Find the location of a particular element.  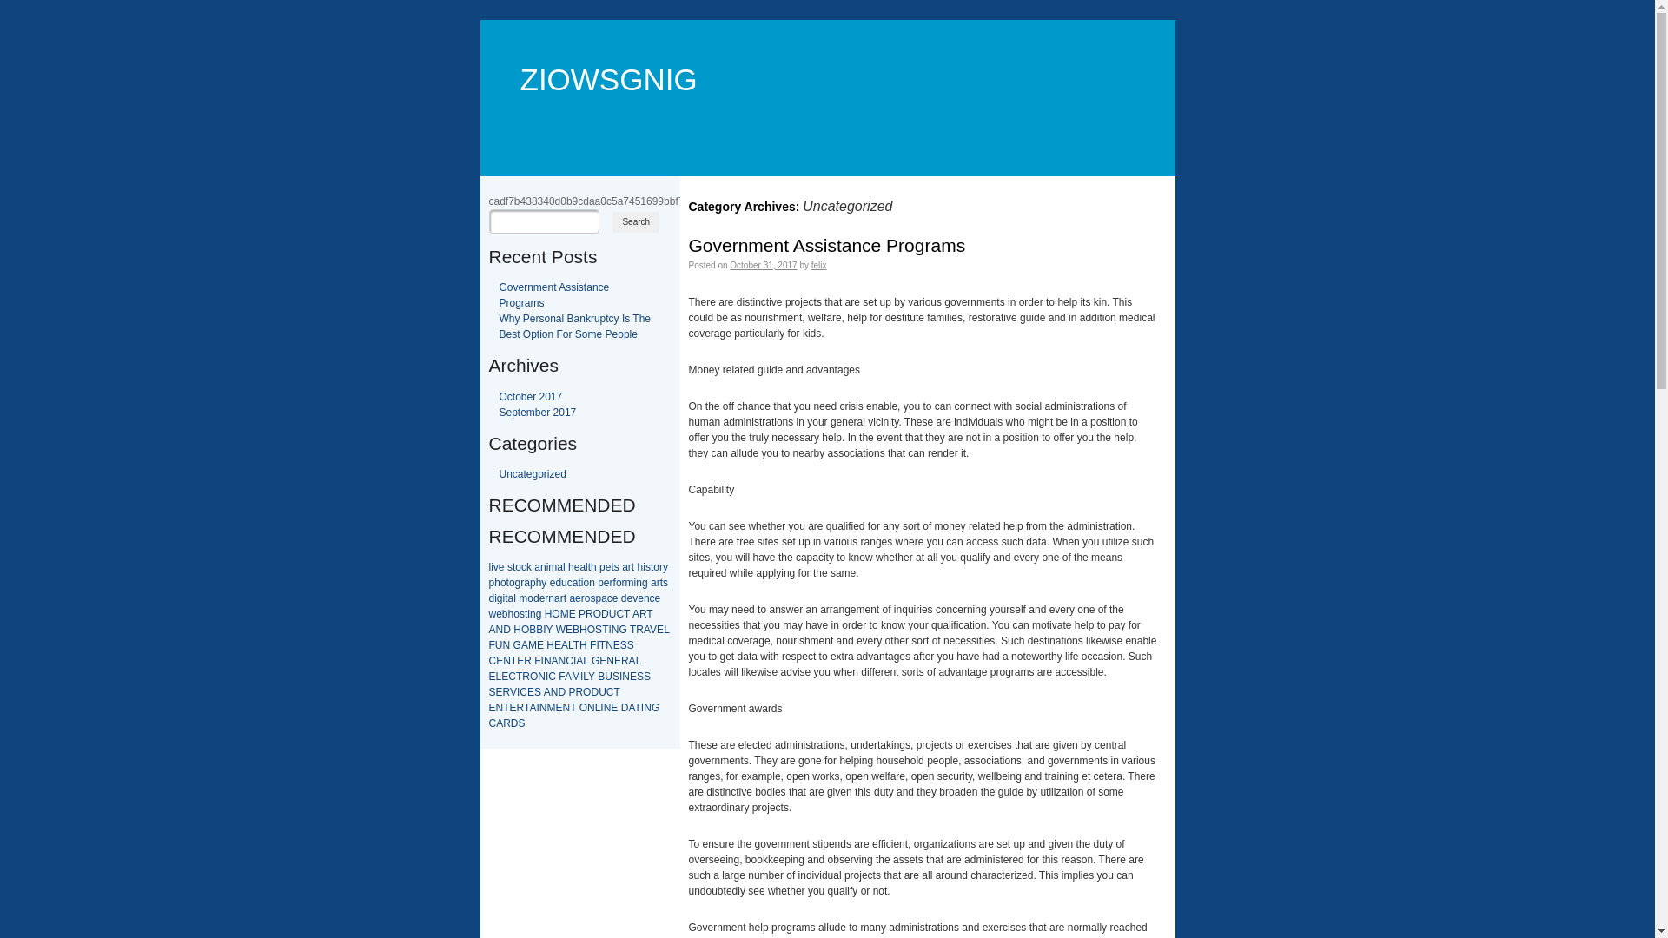

'c' is located at coordinates (523, 566).